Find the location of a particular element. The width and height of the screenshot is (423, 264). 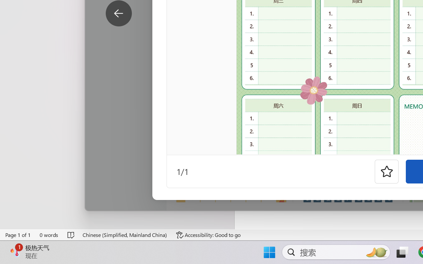

'Language Chinese (Simplified, Mainland China)' is located at coordinates (125, 235).